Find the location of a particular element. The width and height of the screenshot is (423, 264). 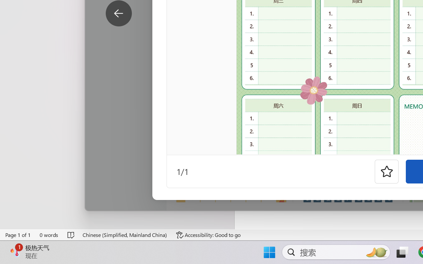

'Language Chinese (Simplified, Mainland China)' is located at coordinates (125, 235).